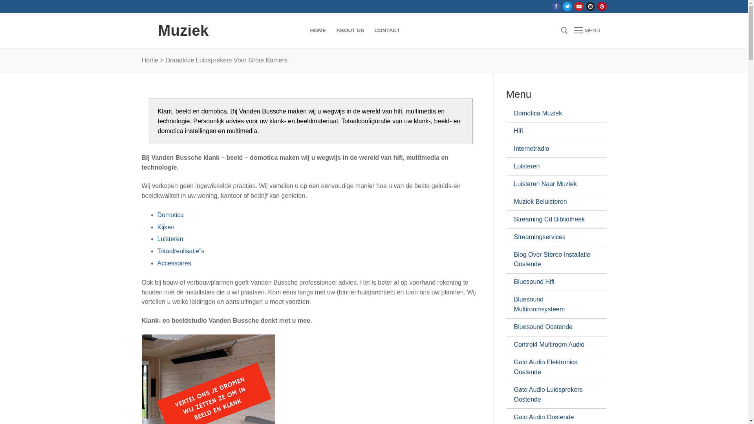  What do you see at coordinates (157, 215) in the screenshot?
I see `'Domotica'` at bounding box center [157, 215].